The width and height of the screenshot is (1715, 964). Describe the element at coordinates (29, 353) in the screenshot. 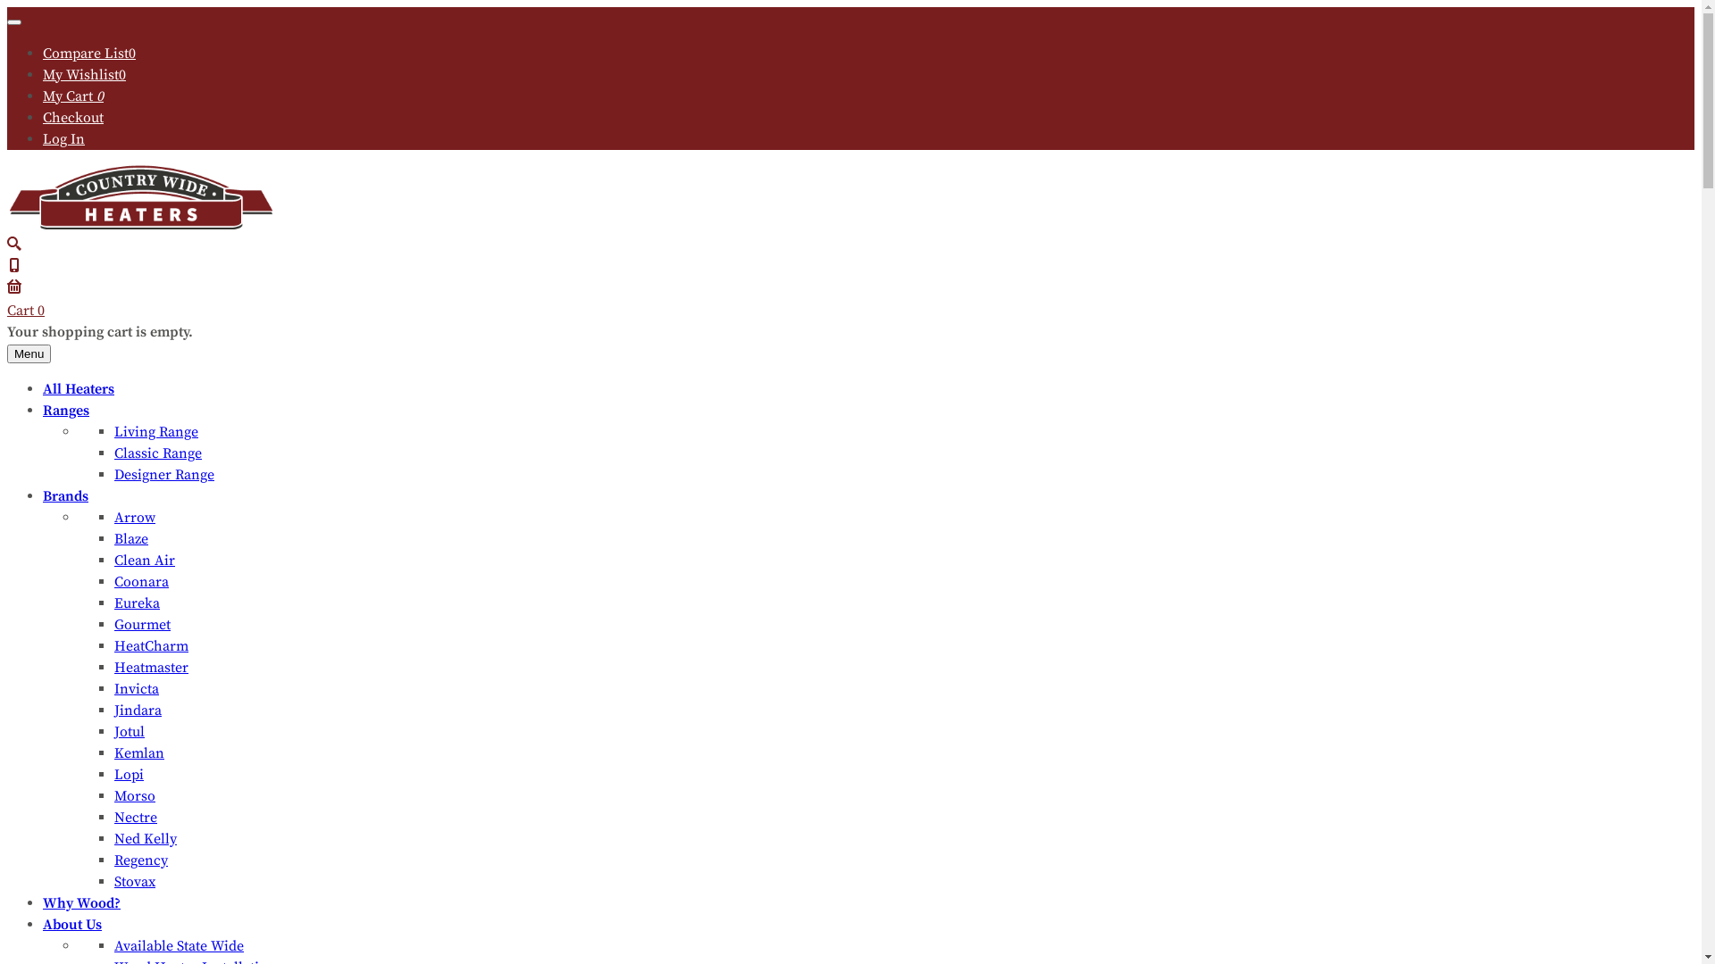

I see `'Menu'` at that location.